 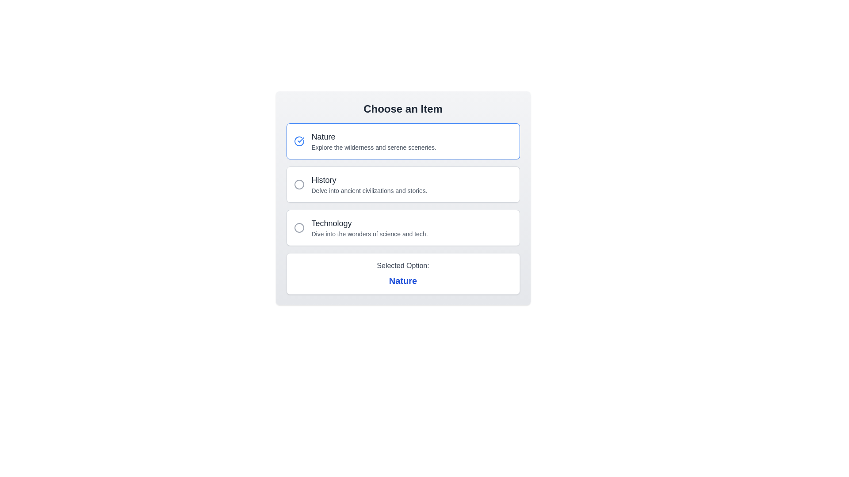 I want to click on the descriptive text element located directly beneath the 'Nature' title in the first selection card of the list, so click(x=374, y=147).